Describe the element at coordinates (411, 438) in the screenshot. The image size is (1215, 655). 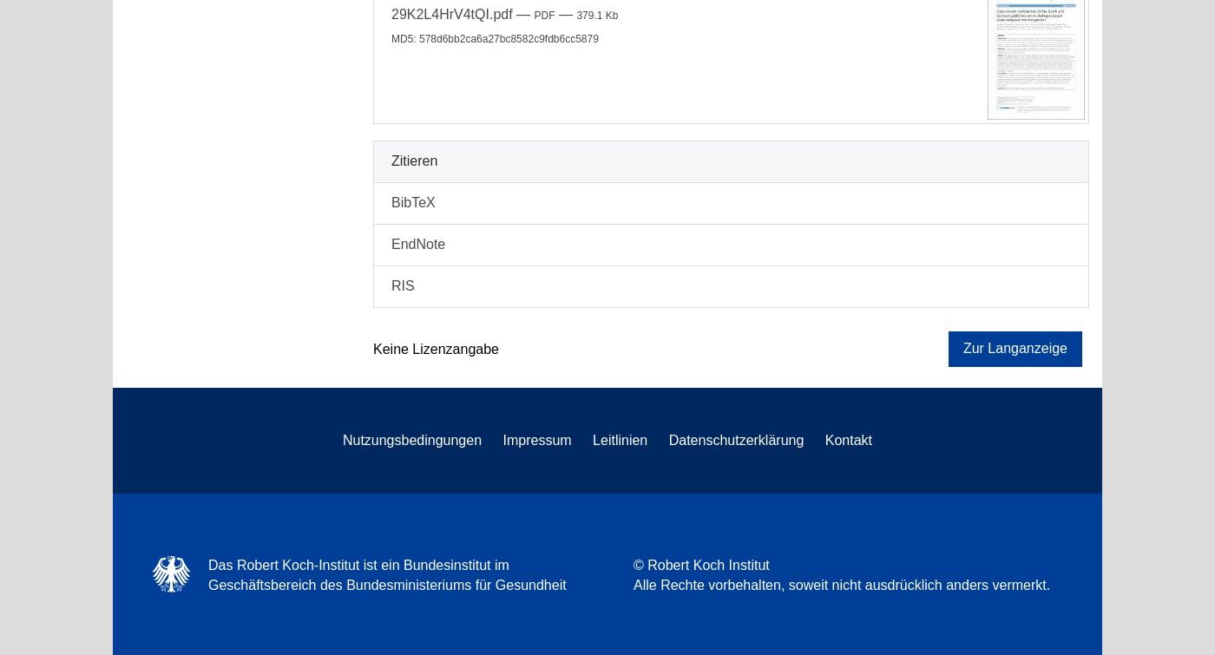
I see `'Nutzungsbedingungen'` at that location.